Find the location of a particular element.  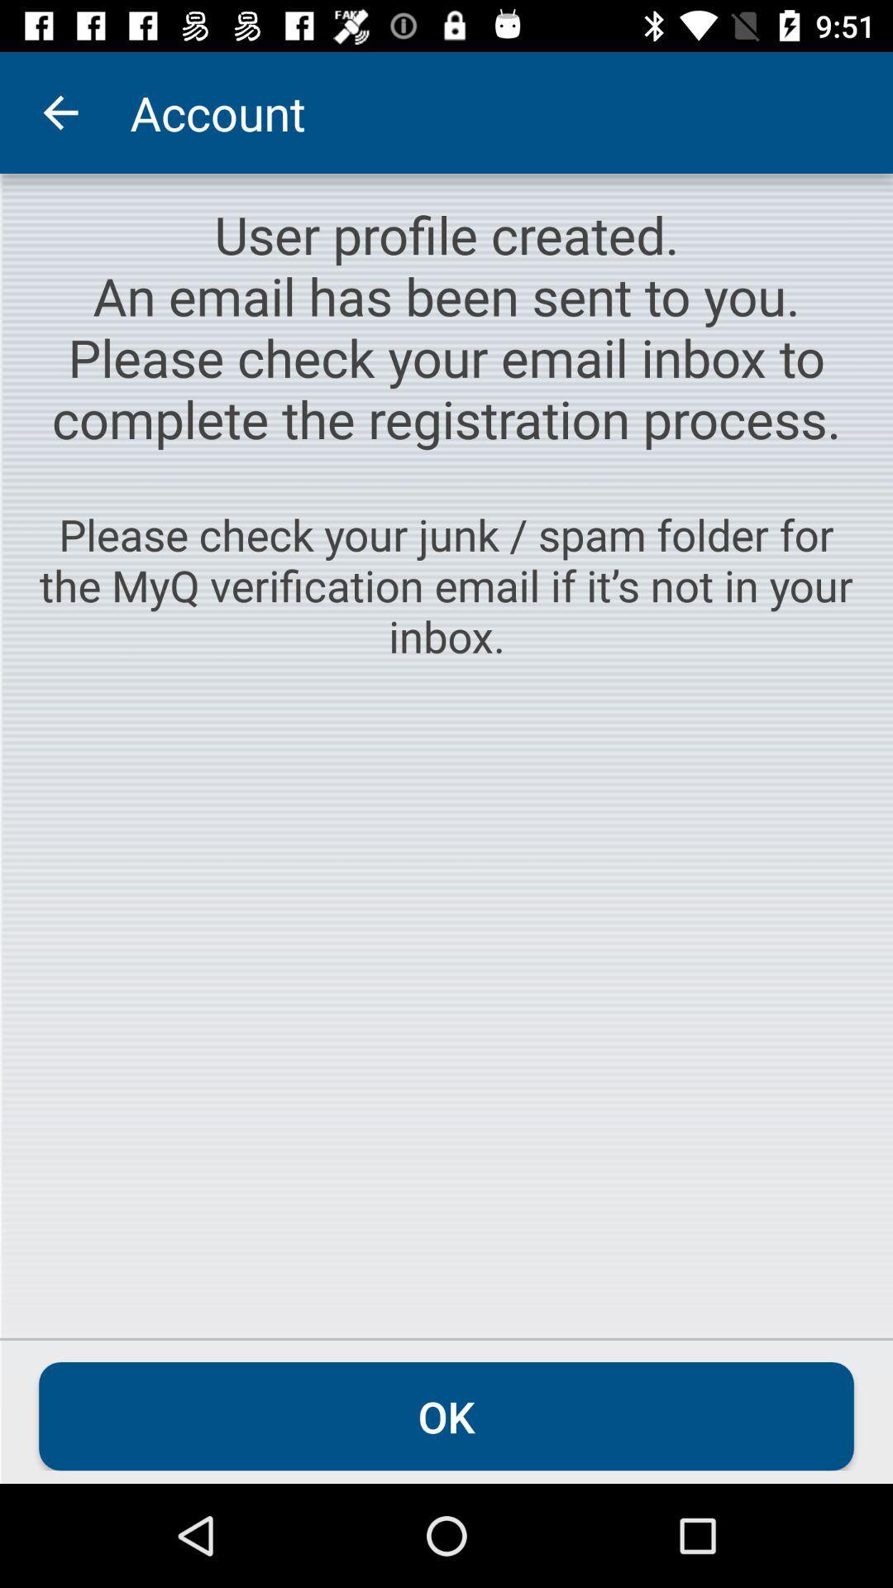

ok icon is located at coordinates (446, 1415).